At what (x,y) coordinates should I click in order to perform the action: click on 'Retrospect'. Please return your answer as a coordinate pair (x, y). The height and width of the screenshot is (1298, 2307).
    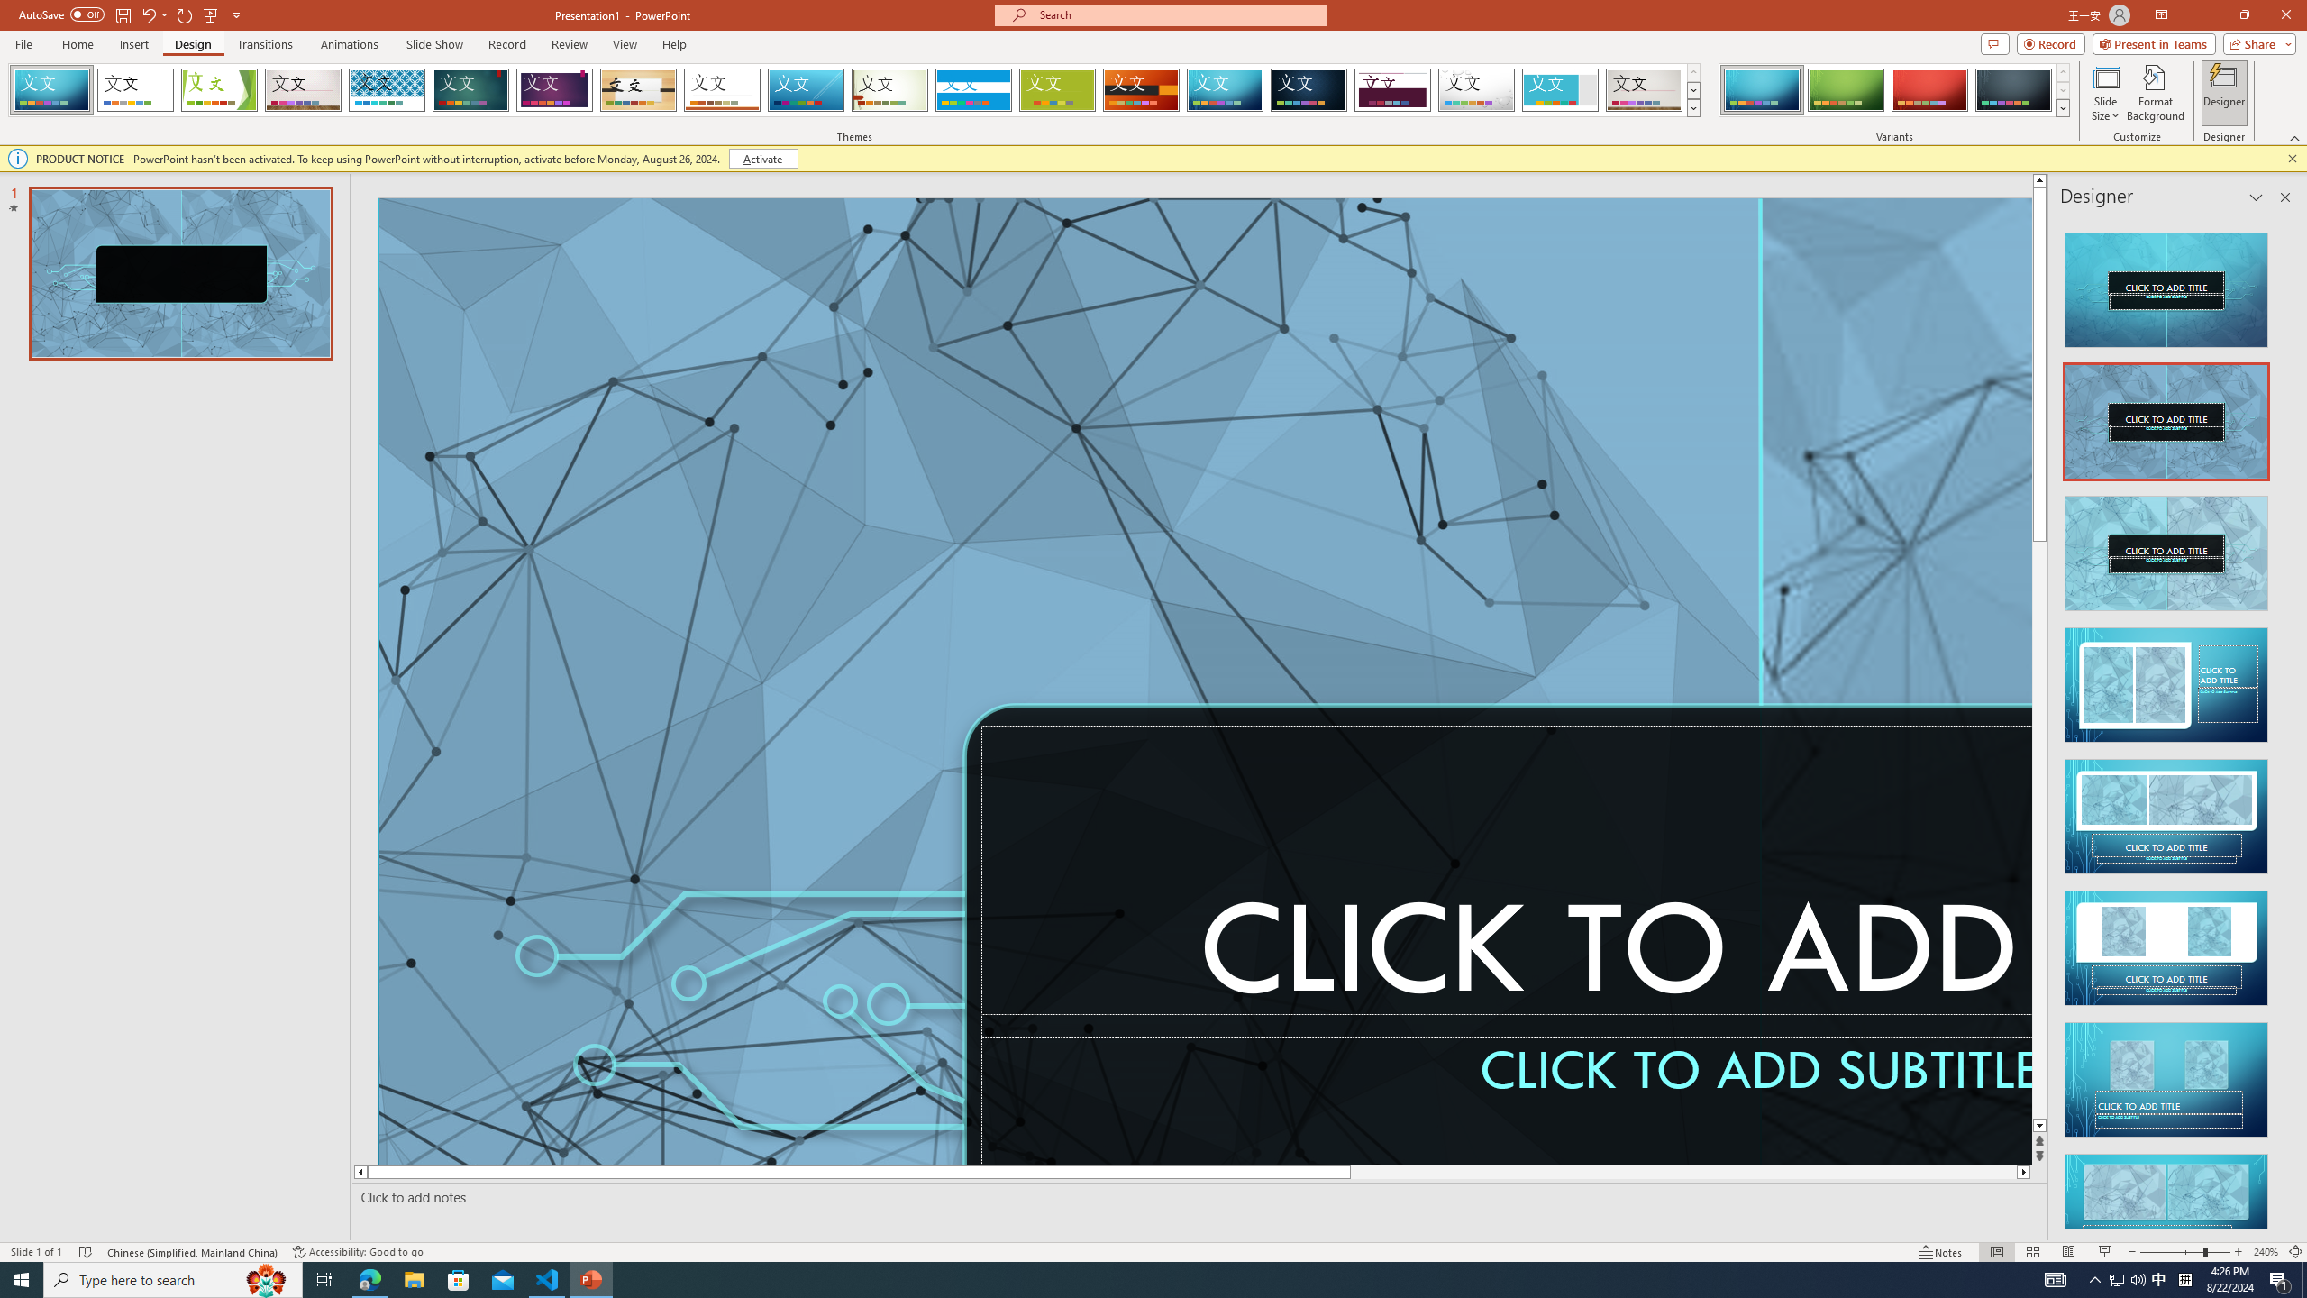
    Looking at the image, I should click on (721, 89).